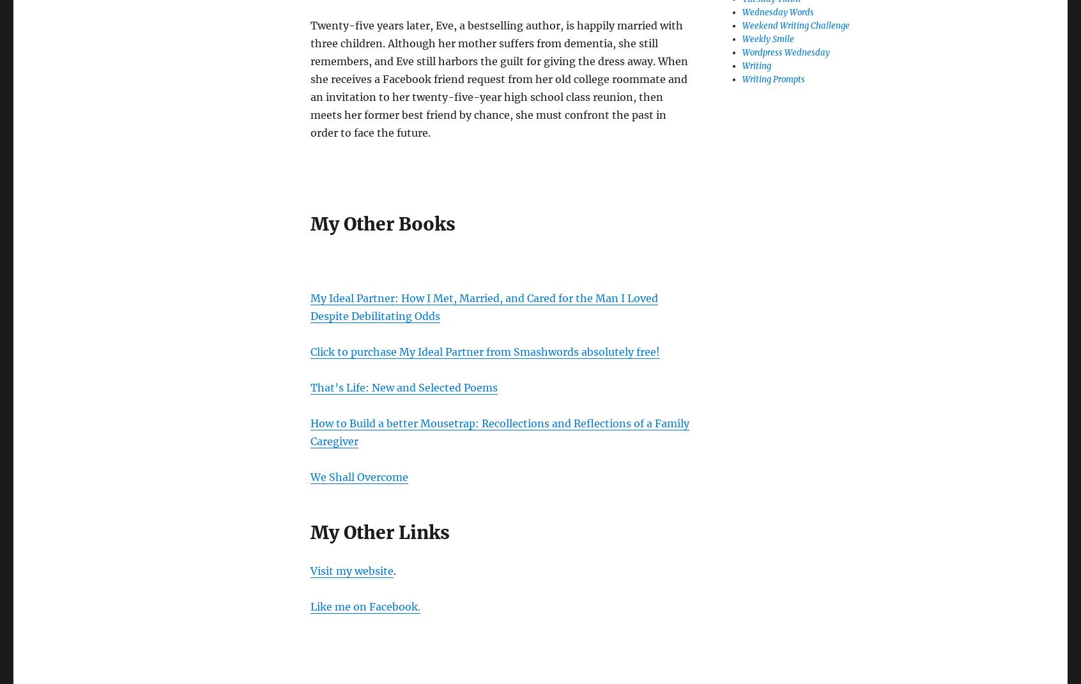 This screenshot has height=684, width=1081. What do you see at coordinates (309, 223) in the screenshot?
I see `'My Other Books'` at bounding box center [309, 223].